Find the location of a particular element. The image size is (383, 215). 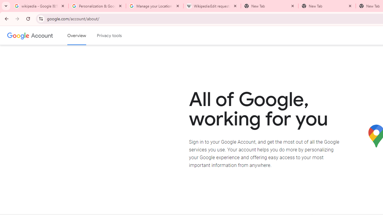

'Skip to Content' is located at coordinates (85, 35).